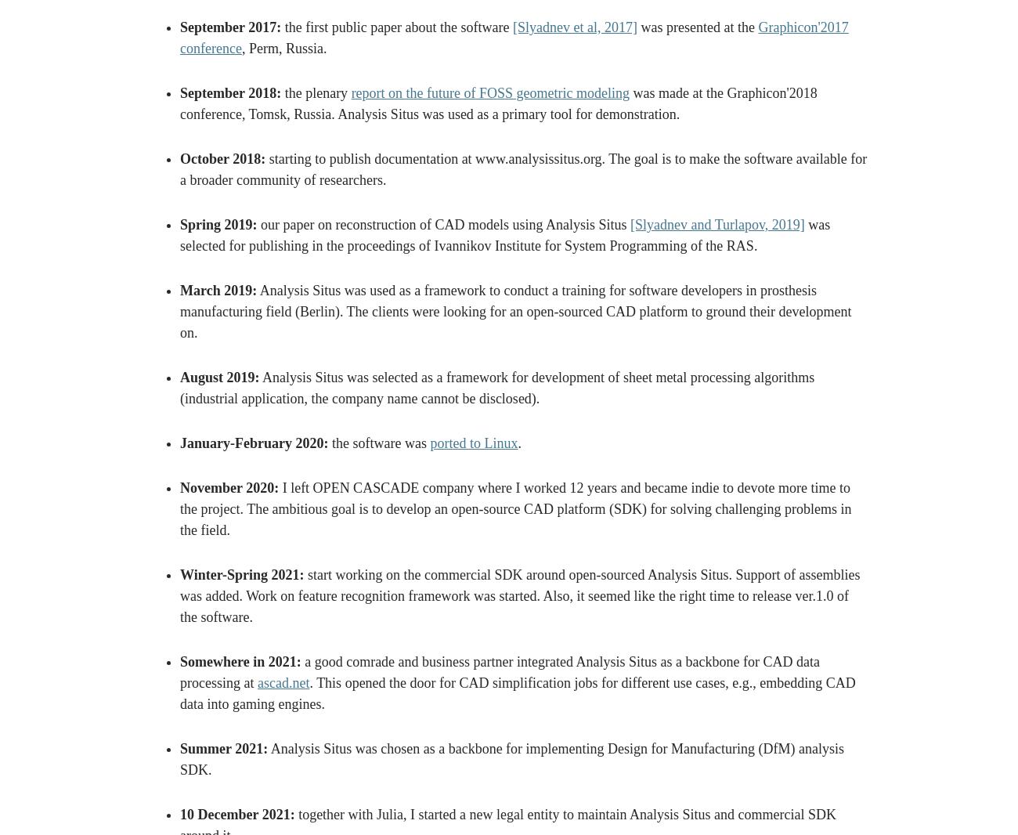  I want to click on 'March 2019:', so click(218, 290).